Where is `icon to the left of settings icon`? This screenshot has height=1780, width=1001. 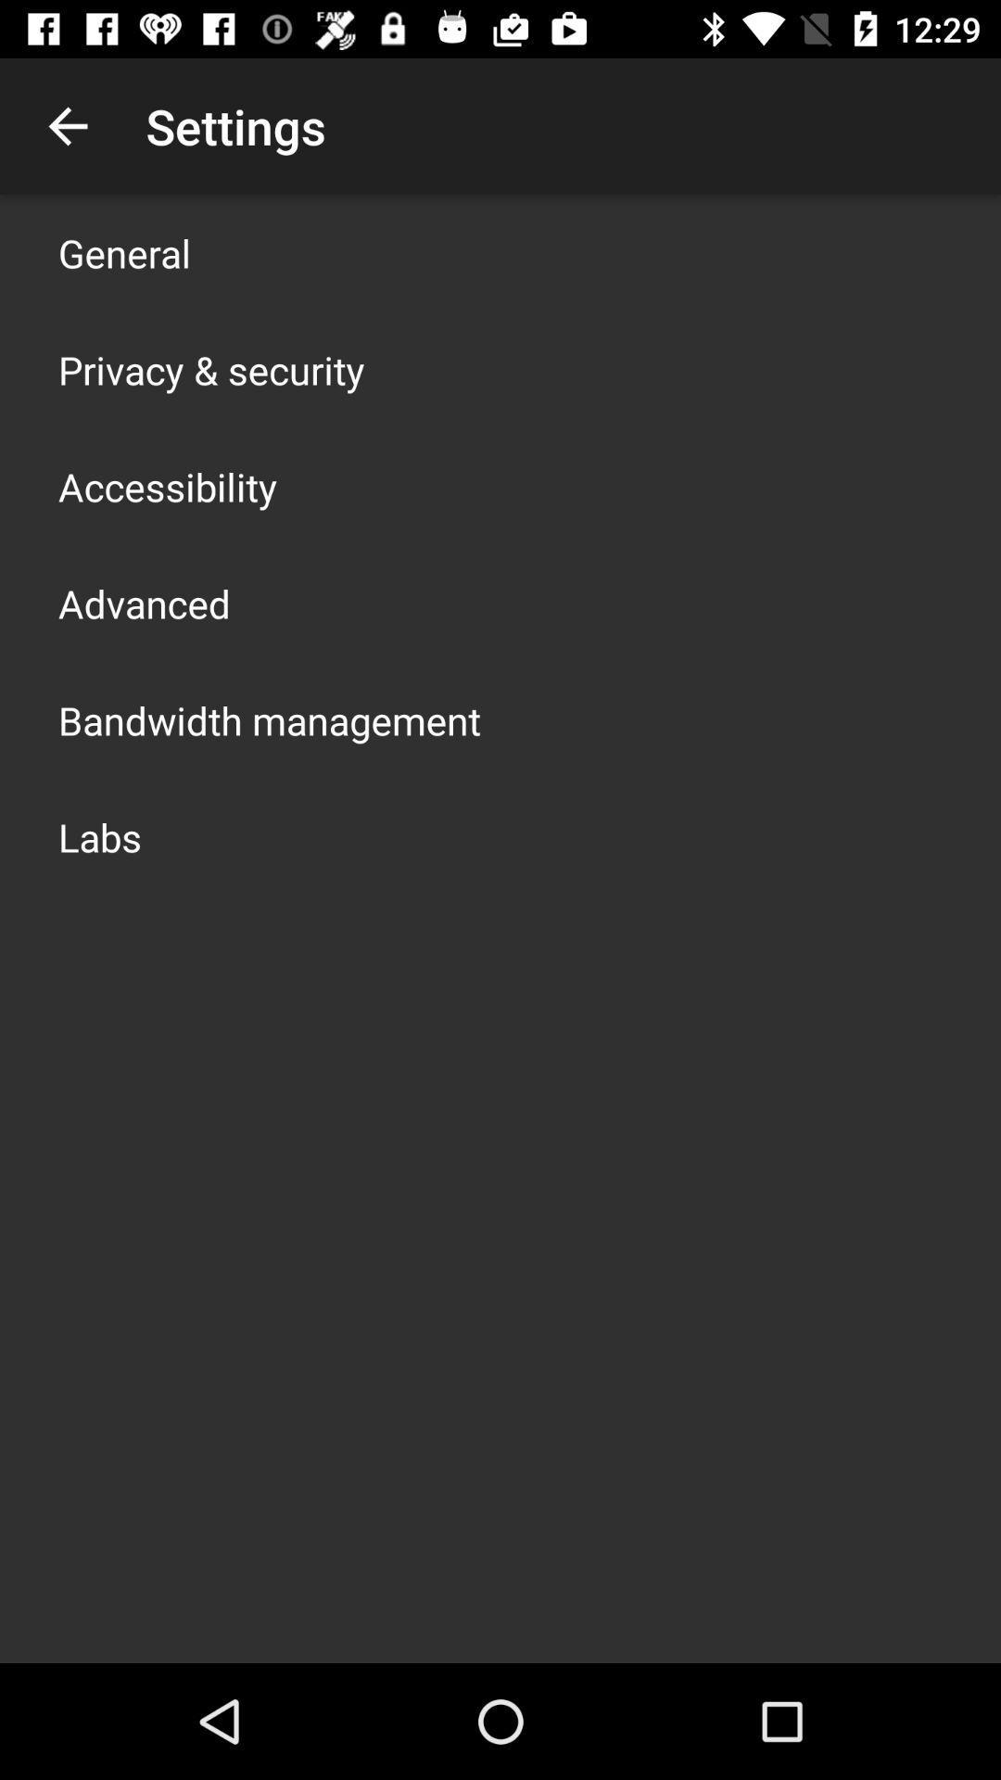
icon to the left of settings icon is located at coordinates (67, 125).